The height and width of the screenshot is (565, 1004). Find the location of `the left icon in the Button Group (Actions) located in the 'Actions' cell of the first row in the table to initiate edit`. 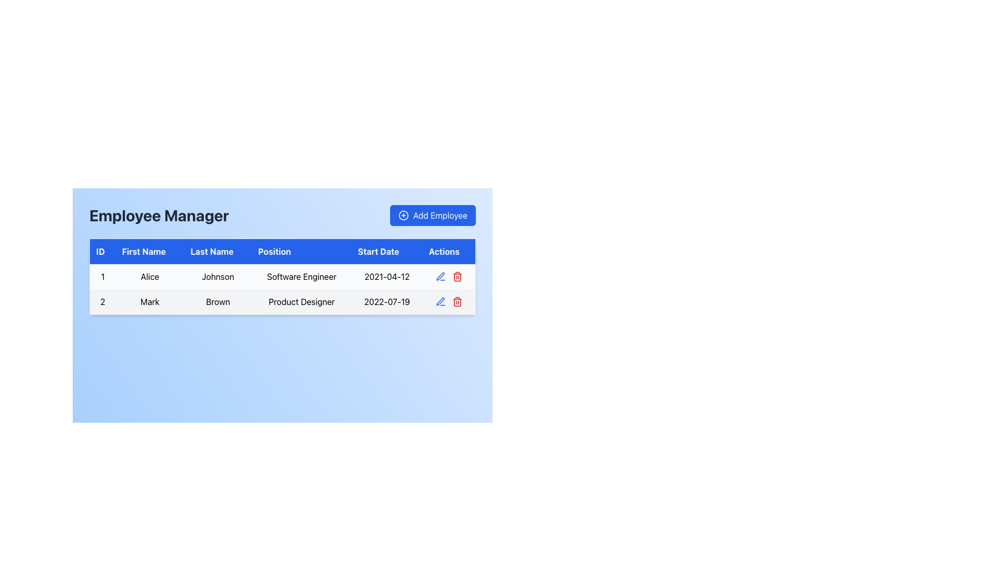

the left icon in the Button Group (Actions) located in the 'Actions' cell of the first row in the table to initiate edit is located at coordinates (449, 276).